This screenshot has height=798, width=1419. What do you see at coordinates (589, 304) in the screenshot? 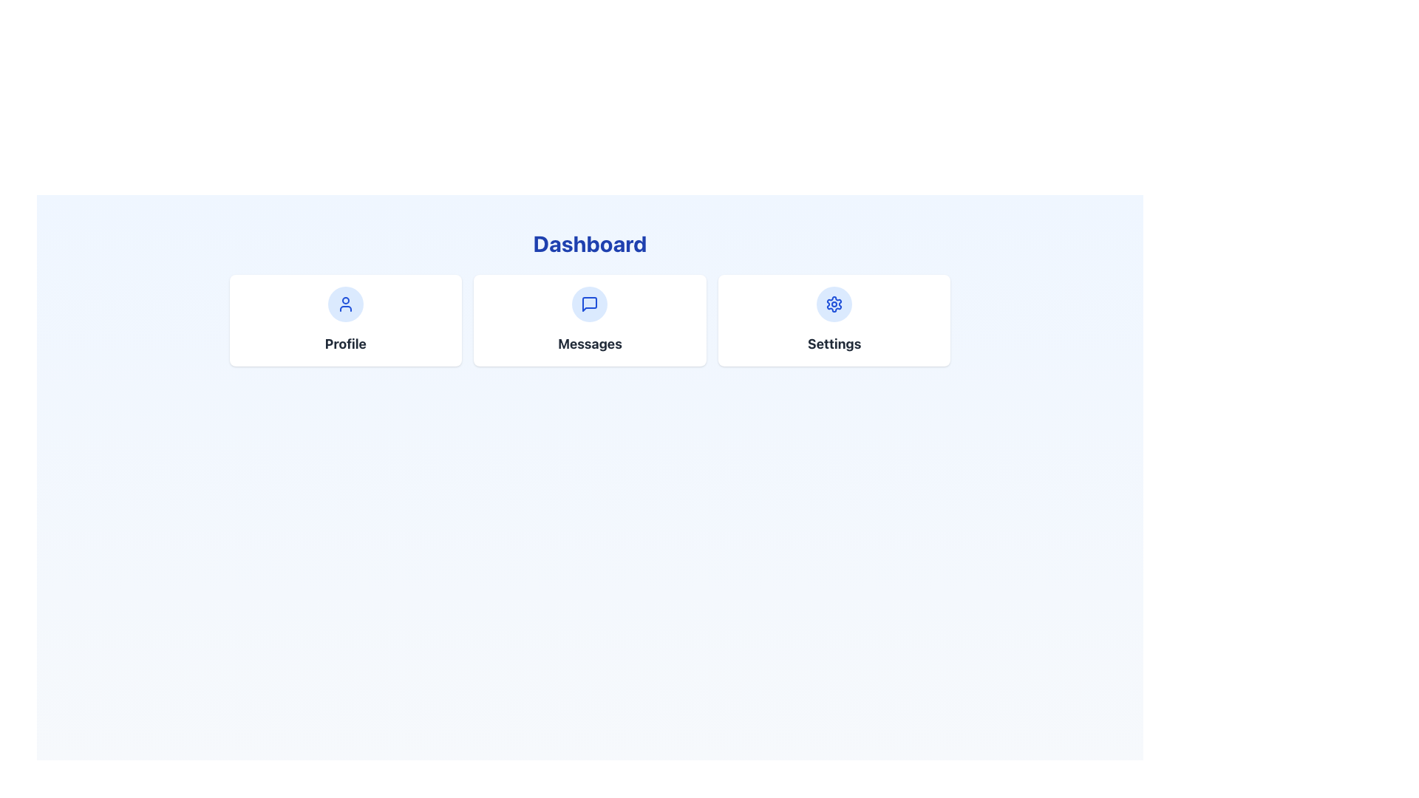
I see `the blue outlined message square icon located in the middle card labeled 'Messages' on the dashboard interface` at bounding box center [589, 304].